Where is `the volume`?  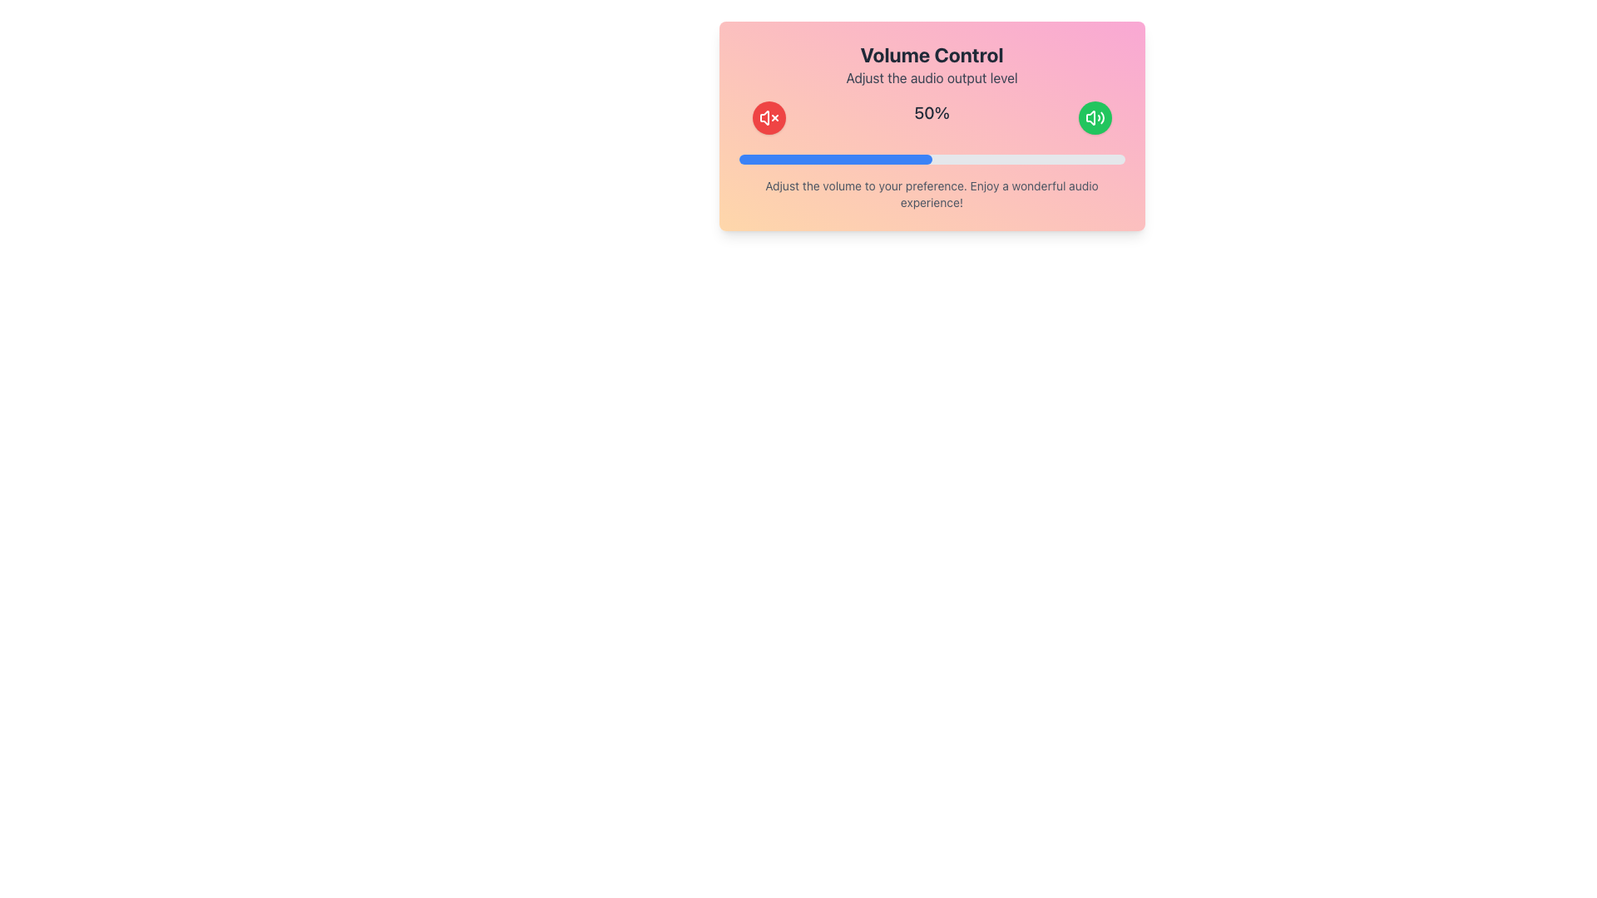 the volume is located at coordinates (1051, 160).